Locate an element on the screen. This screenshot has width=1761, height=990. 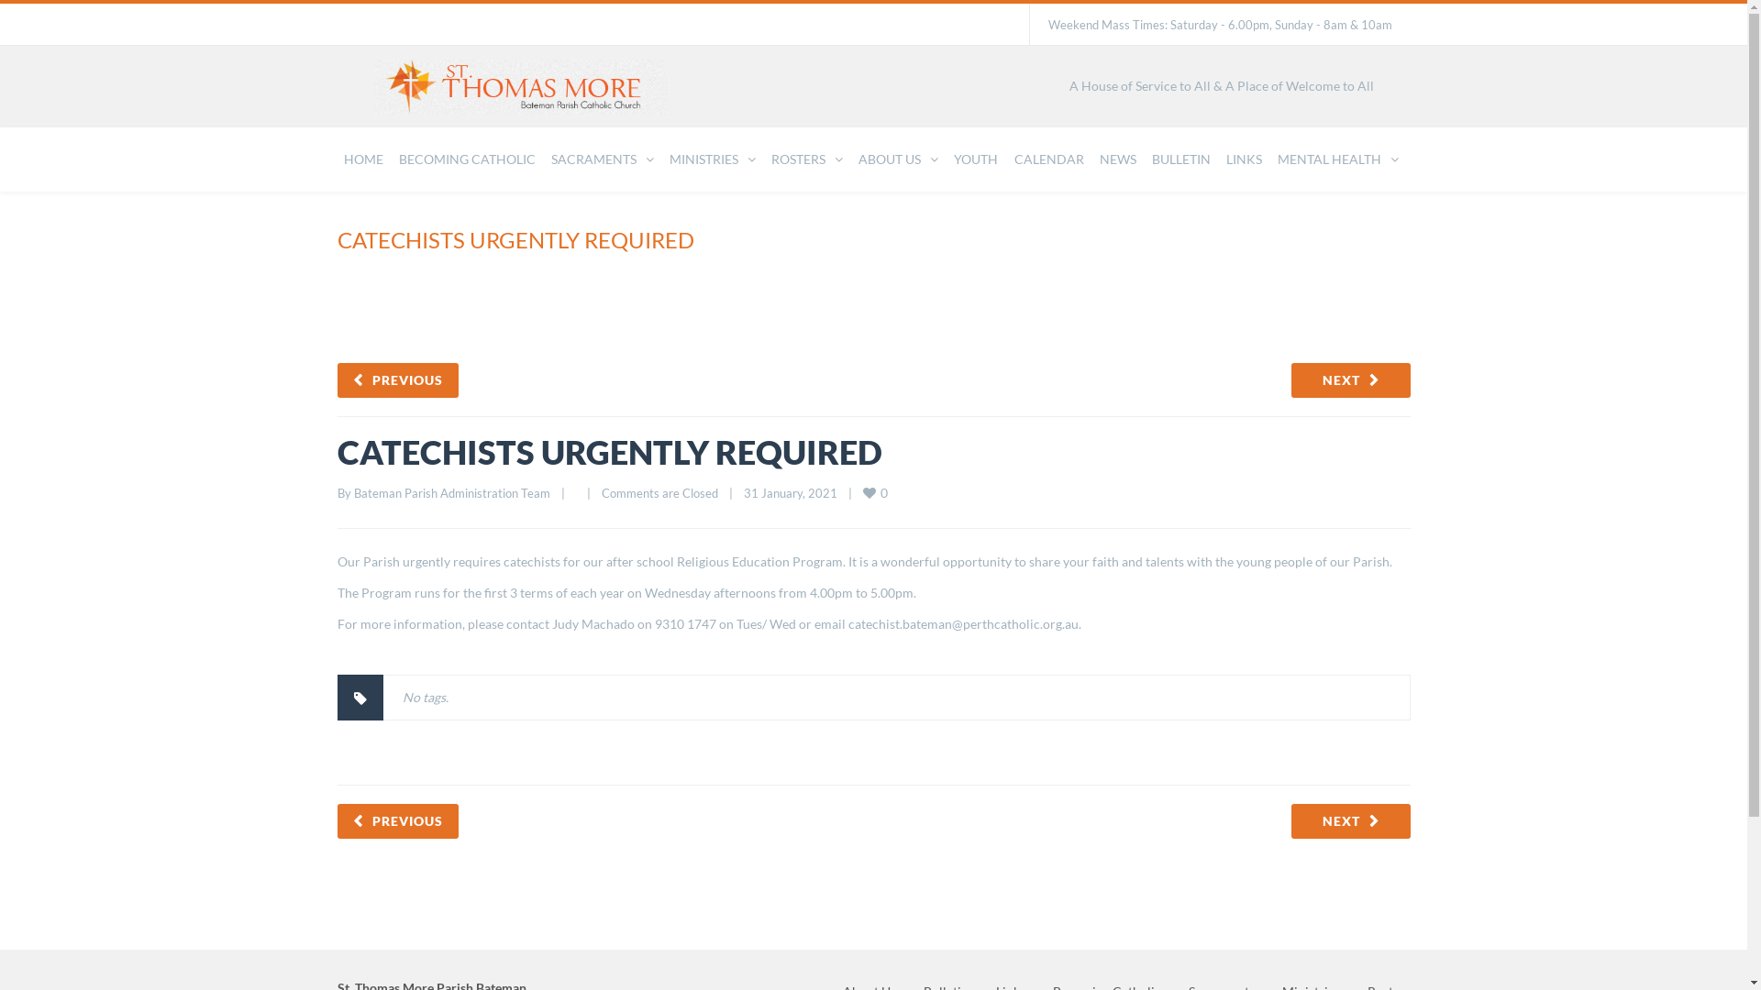
'St. Thomas More Parish Bateman' is located at coordinates (519, 87).